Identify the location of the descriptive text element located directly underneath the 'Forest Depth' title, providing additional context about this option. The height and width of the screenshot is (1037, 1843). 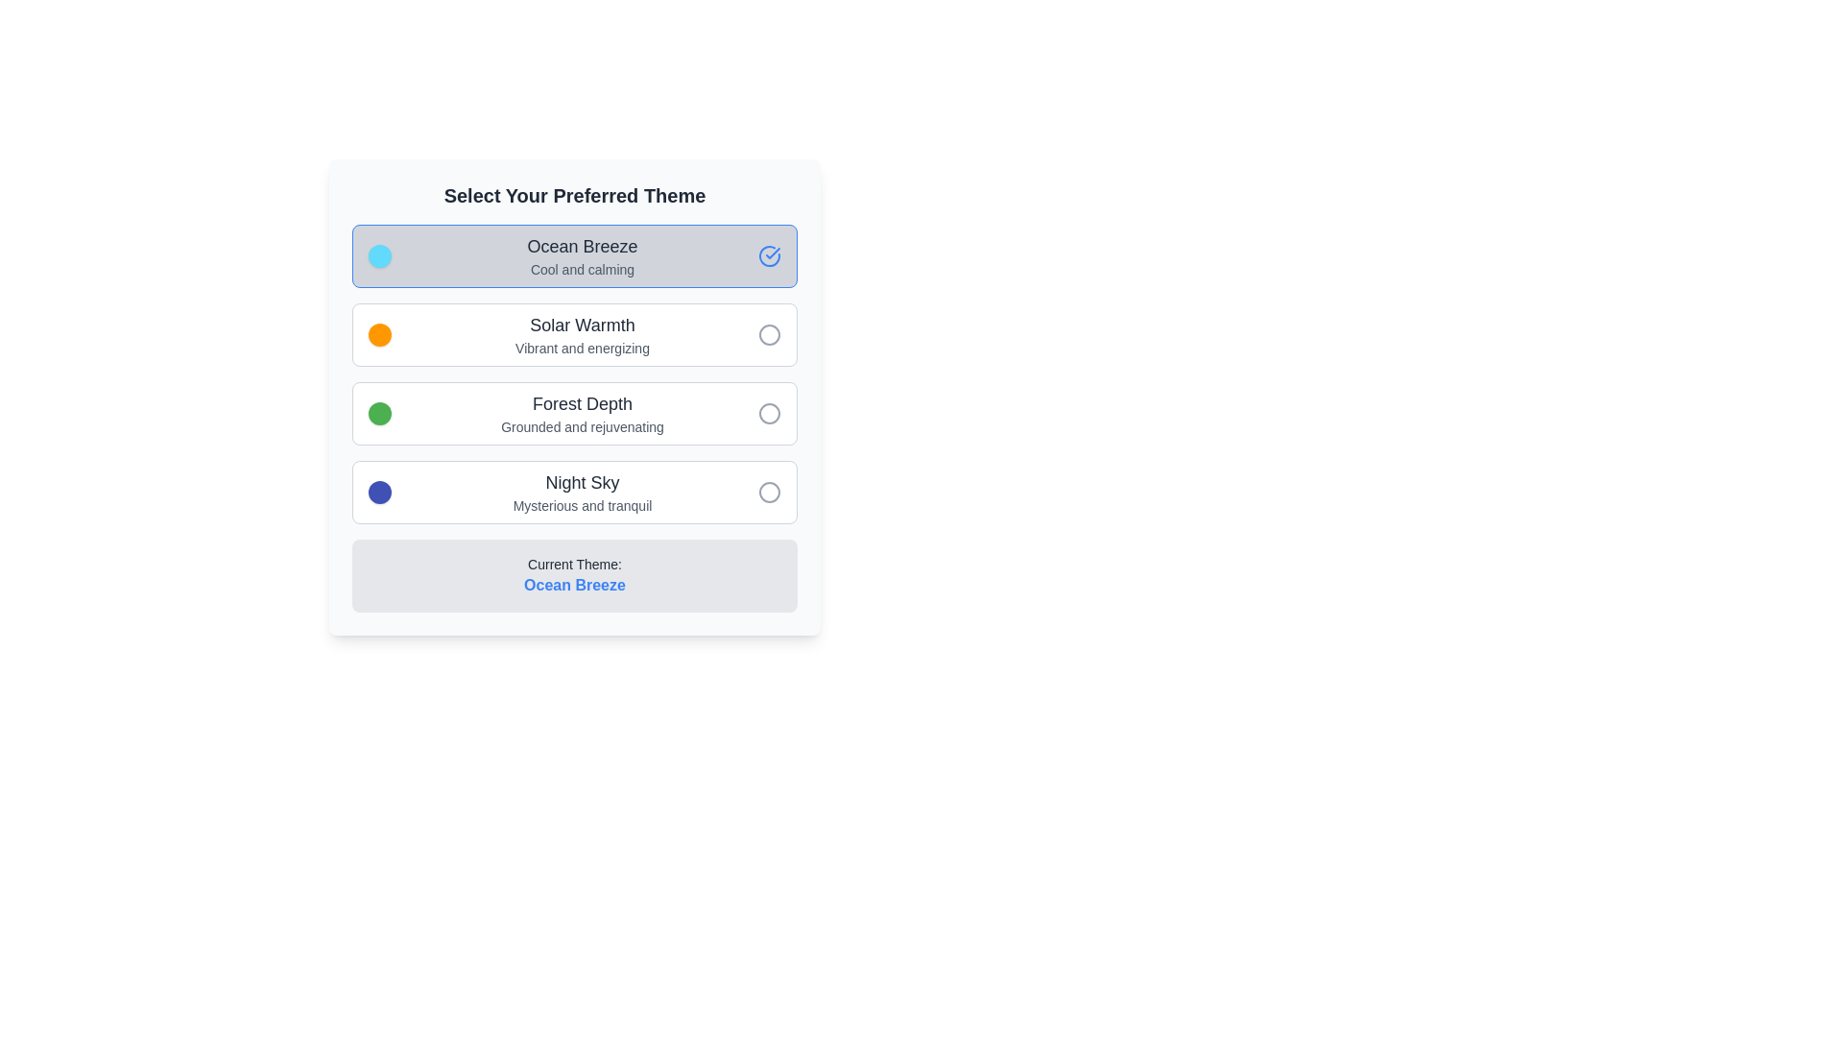
(581, 425).